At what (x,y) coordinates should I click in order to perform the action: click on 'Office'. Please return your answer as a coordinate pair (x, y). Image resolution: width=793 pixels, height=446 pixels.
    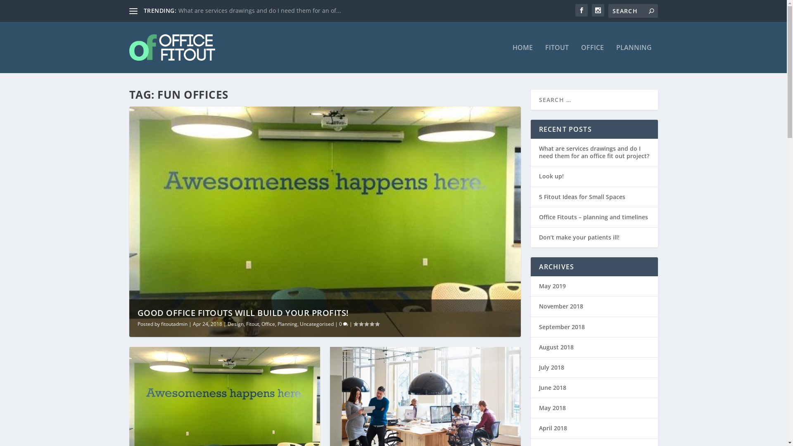
    Looking at the image, I should click on (268, 323).